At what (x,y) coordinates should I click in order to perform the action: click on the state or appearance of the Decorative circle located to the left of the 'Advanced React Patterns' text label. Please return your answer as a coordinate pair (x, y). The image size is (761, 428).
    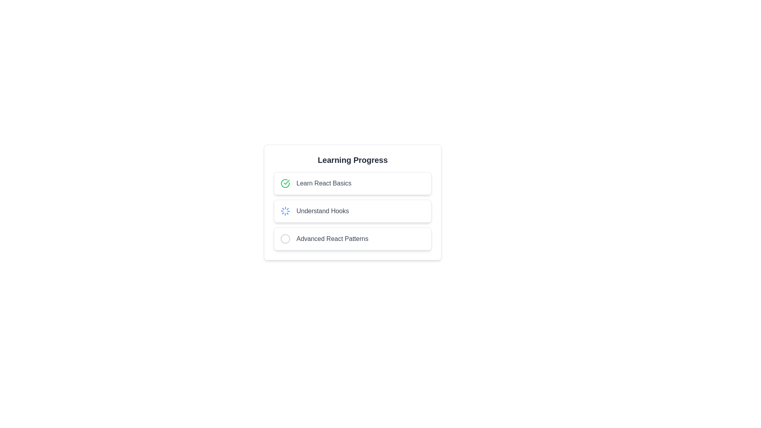
    Looking at the image, I should click on (285, 238).